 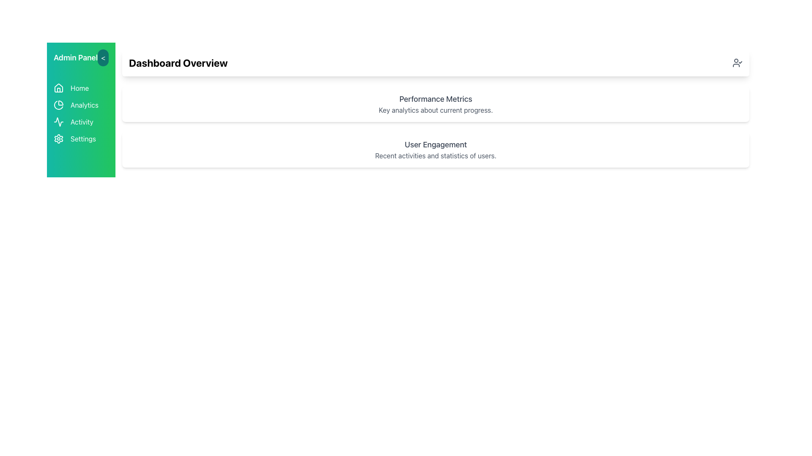 I want to click on the house-shaped icon in the vertical sidebar menu, which is styled with white lines on a green background and positioned above the 'Home' label, so click(x=58, y=88).